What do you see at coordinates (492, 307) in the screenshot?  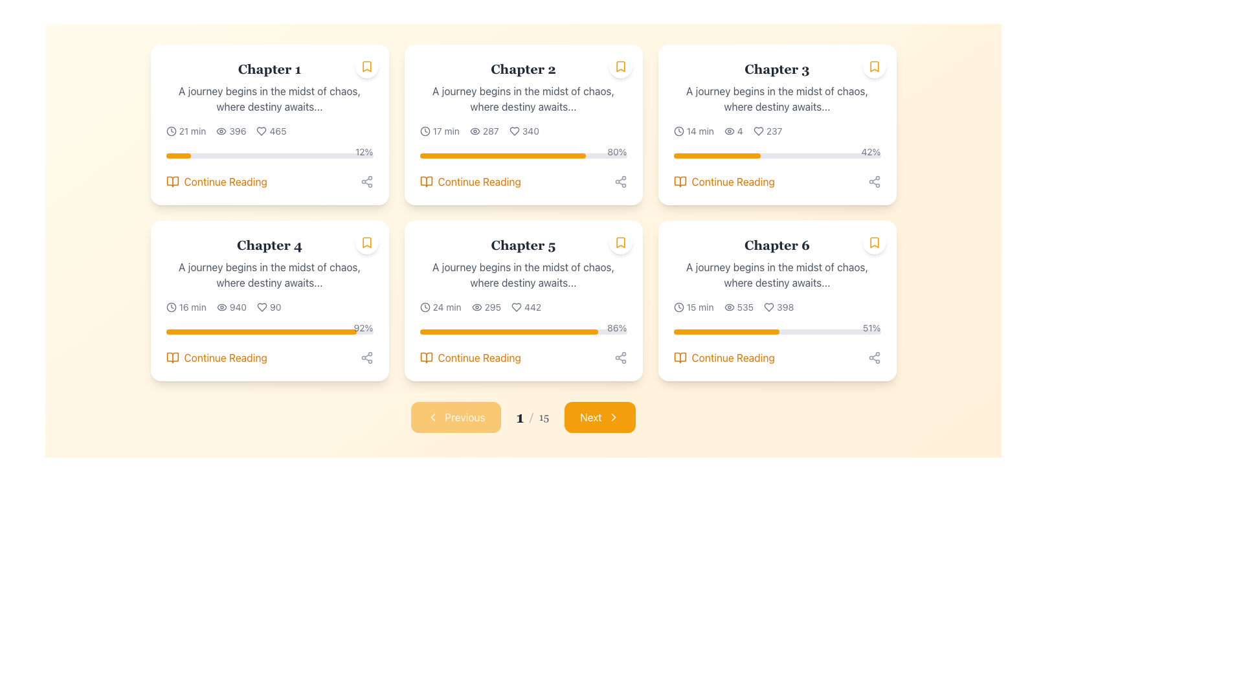 I see `the label displaying the numeric count '295' which indicates the view count for Chapter 5, located to the right of an eye icon` at bounding box center [492, 307].